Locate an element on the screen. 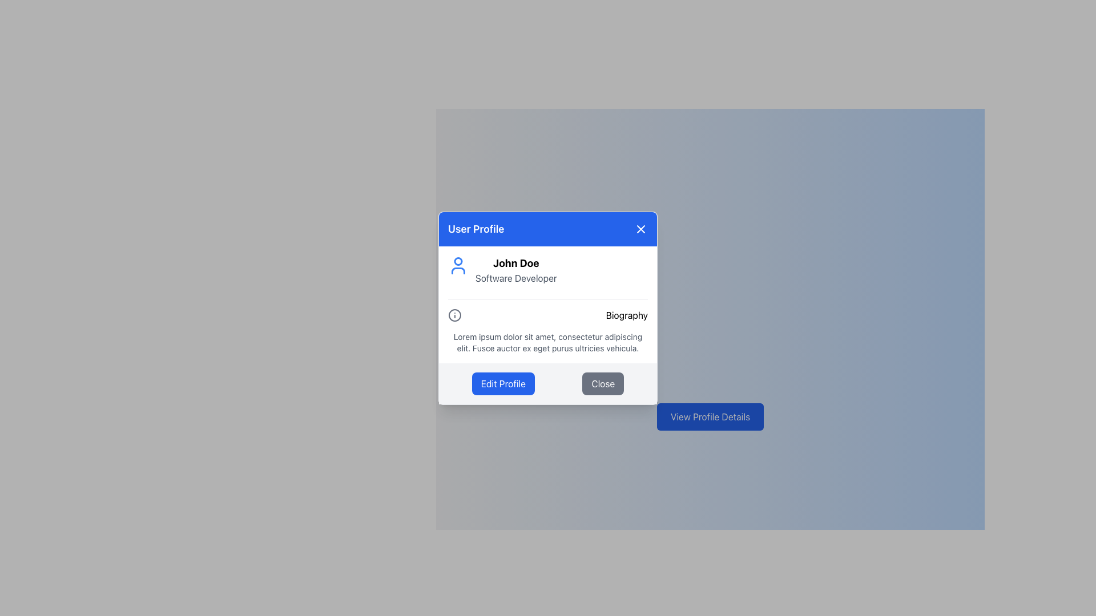  the user profile button located at the bottom-right of the modal interface to trigger the hover effect is located at coordinates (710, 417).